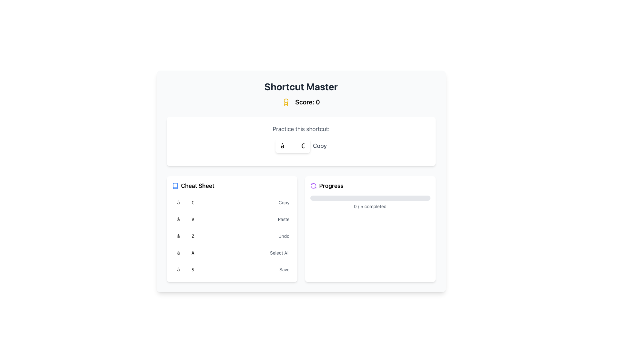 Image resolution: width=620 pixels, height=348 pixels. I want to click on shortcut information from the Informational card located in the bottom-left quadrant, beside the 'Progress' card, so click(232, 228).